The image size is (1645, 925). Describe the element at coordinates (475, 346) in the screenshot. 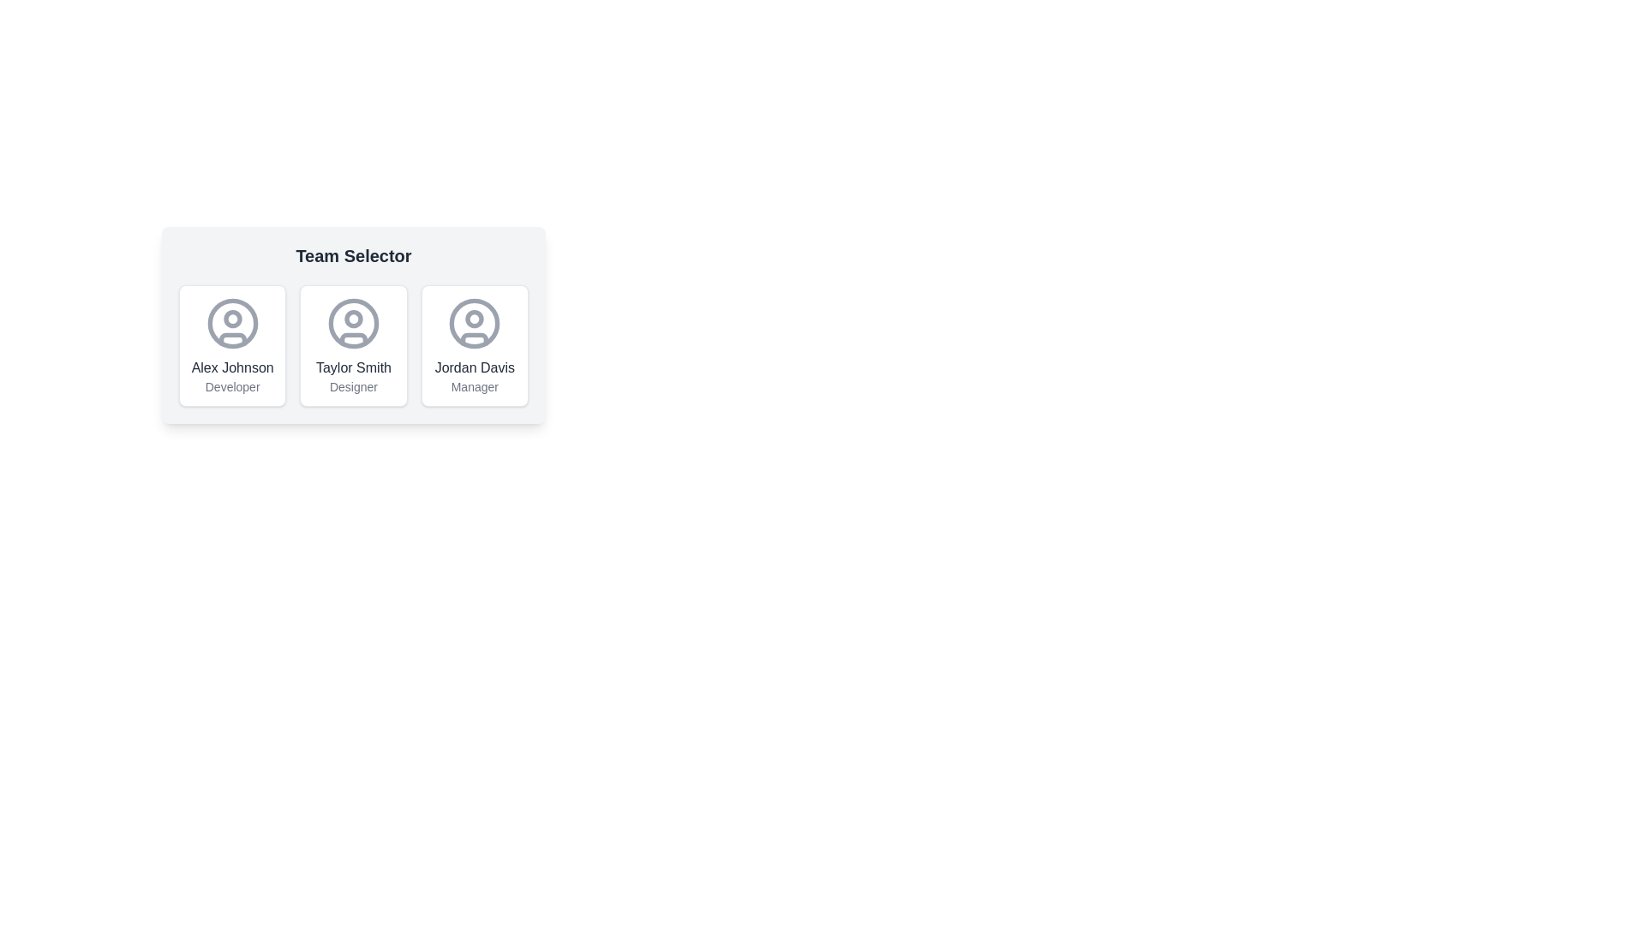

I see `the selectable profile card for 'Jordan Davis', which is the third card in a horizontal list of three cards` at that location.